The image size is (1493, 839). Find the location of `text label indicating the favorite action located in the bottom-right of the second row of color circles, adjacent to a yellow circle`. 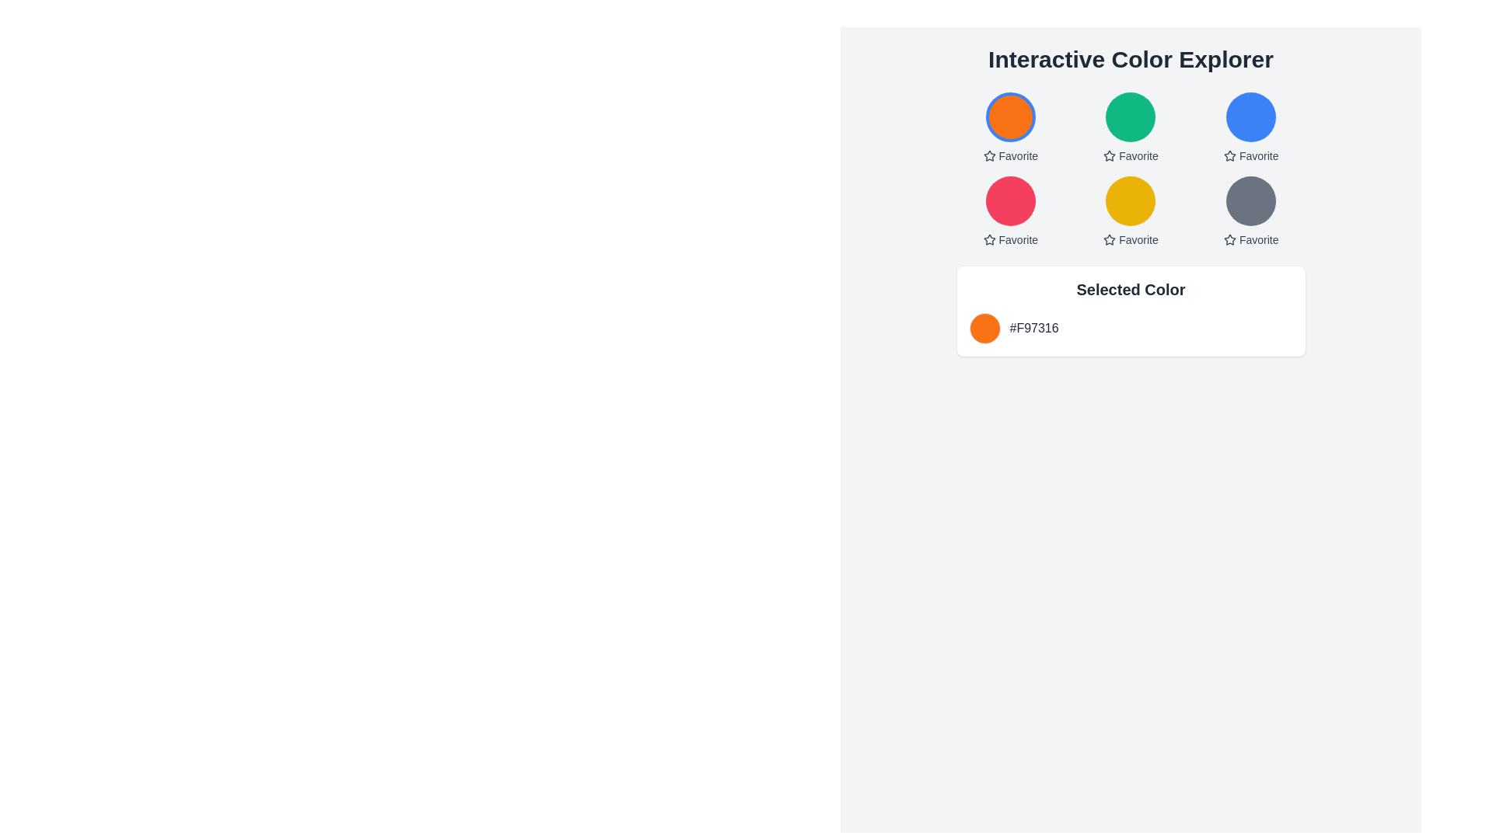

text label indicating the favorite action located in the bottom-right of the second row of color circles, adjacent to a yellow circle is located at coordinates (1138, 239).